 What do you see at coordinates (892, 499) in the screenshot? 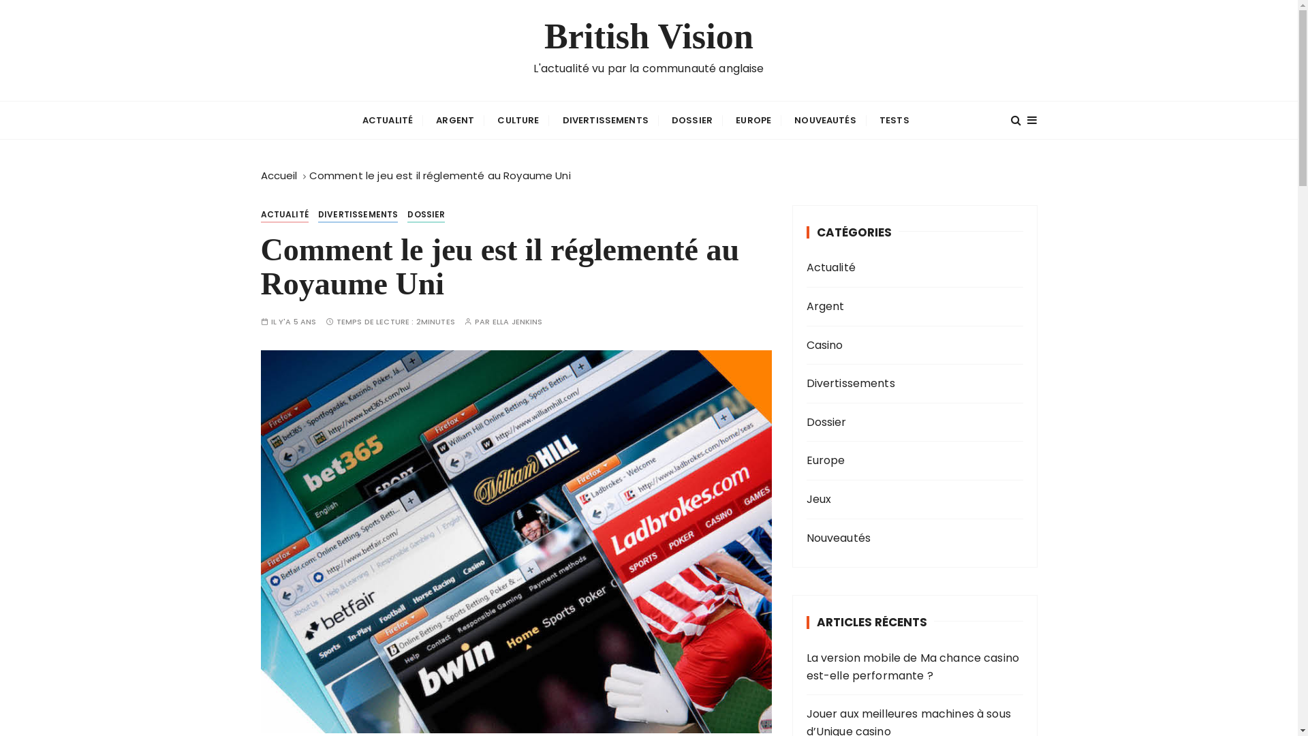
I see `'Jeux'` at bounding box center [892, 499].